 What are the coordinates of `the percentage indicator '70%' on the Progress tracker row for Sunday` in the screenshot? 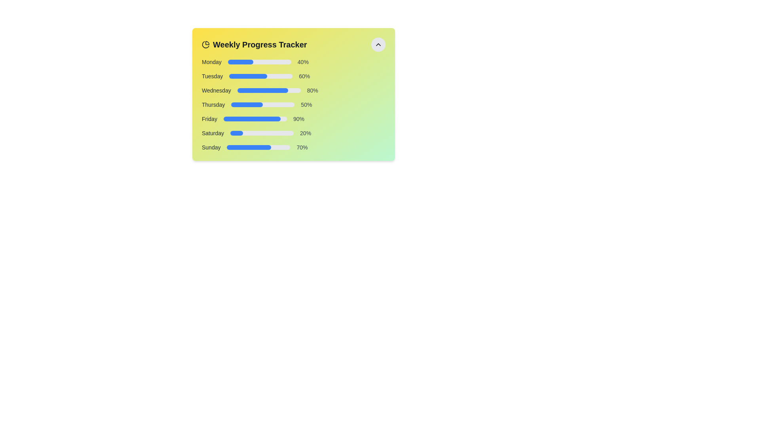 It's located at (293, 147).